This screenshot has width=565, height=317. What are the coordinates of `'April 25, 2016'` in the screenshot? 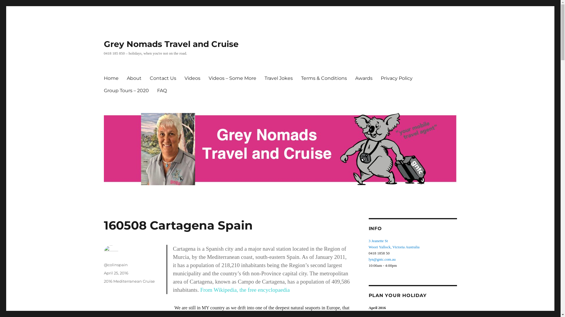 It's located at (116, 273).